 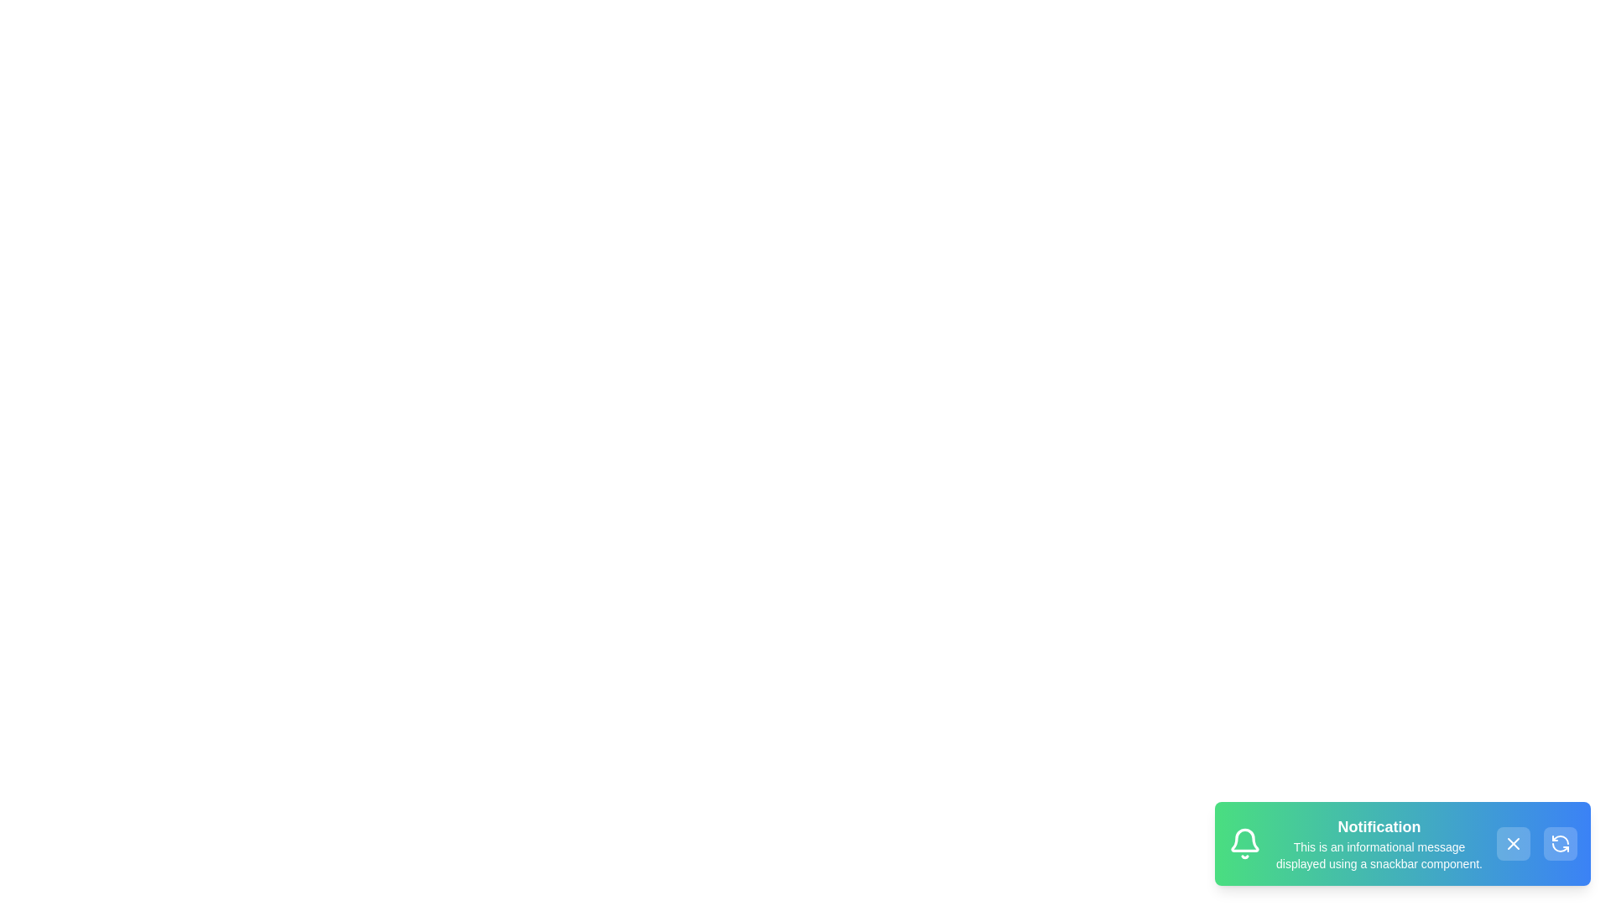 What do you see at coordinates (1560, 844) in the screenshot?
I see `the refresh button to reactivate the snackbar notification` at bounding box center [1560, 844].